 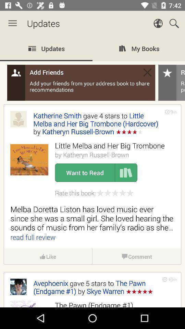 I want to click on display use zone, so click(x=92, y=171).